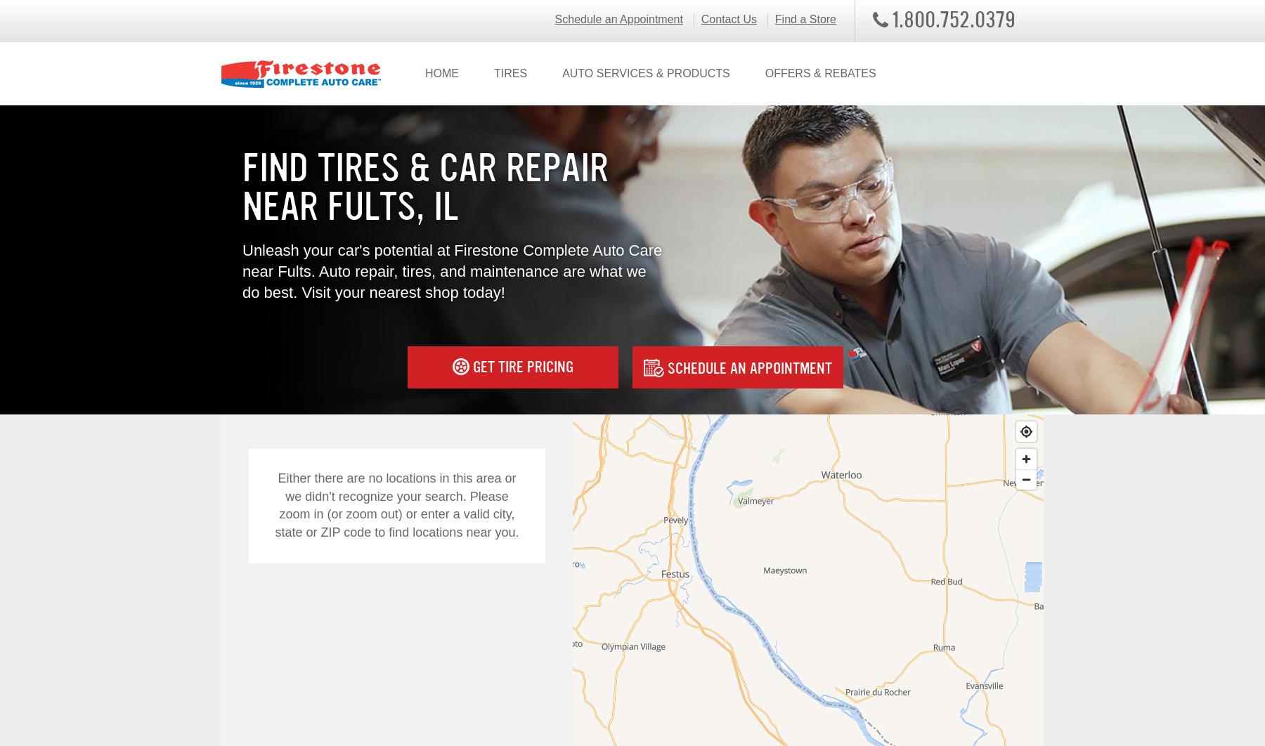 This screenshot has width=1265, height=746. What do you see at coordinates (424, 73) in the screenshot?
I see `'HOME'` at bounding box center [424, 73].